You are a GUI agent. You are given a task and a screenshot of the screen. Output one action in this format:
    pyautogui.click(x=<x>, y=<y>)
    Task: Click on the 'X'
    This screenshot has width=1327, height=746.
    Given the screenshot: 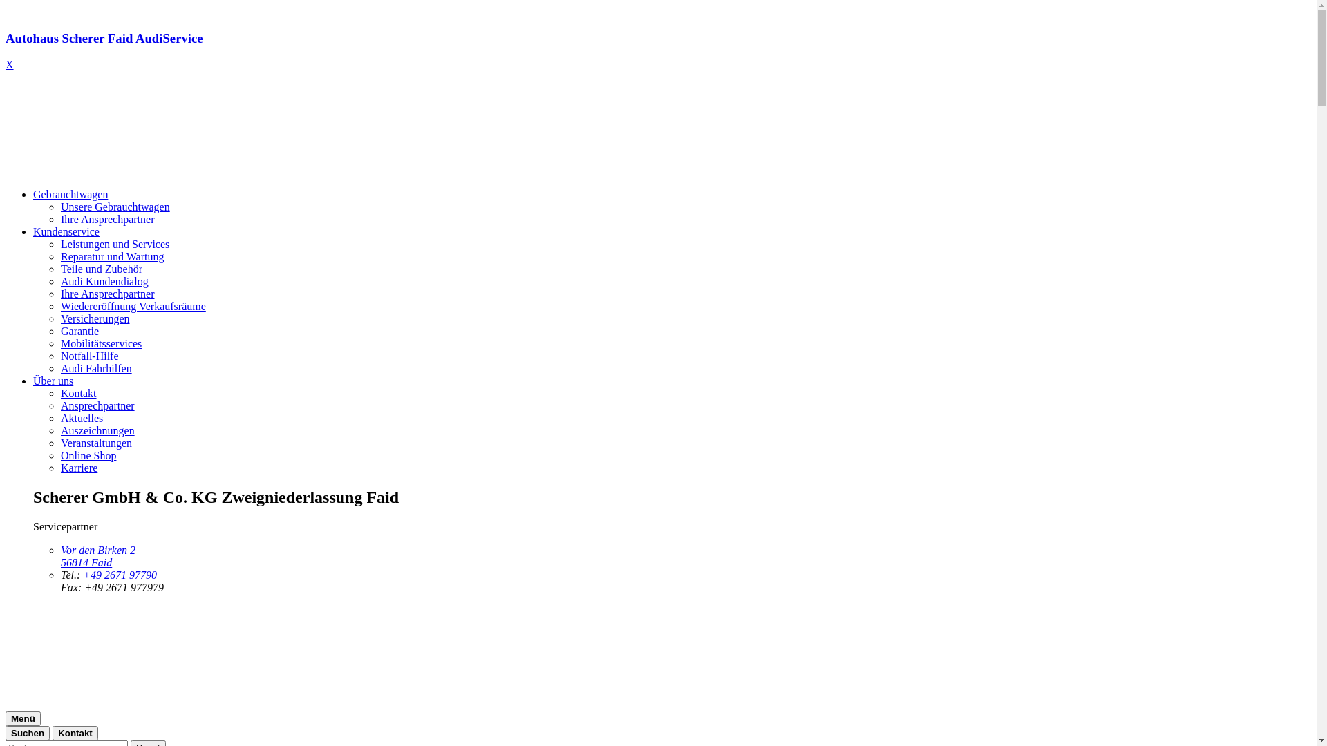 What is the action you would take?
    pyautogui.click(x=10, y=64)
    